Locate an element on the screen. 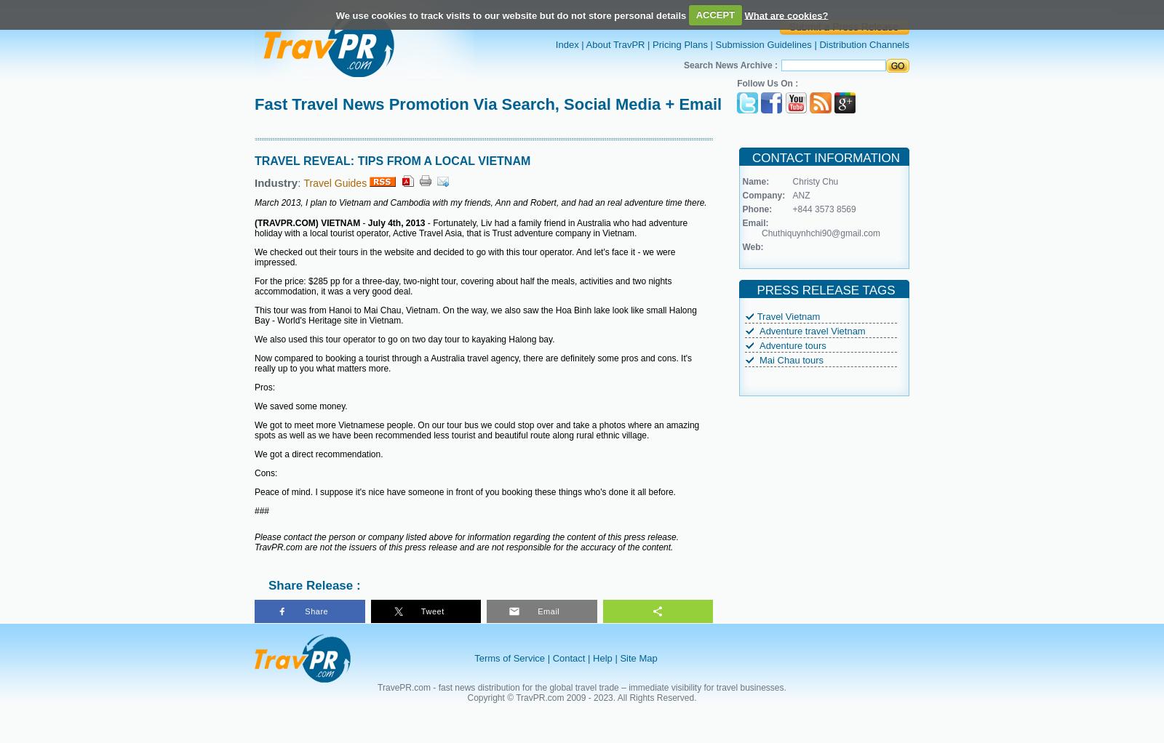 This screenshot has height=743, width=1164. 'Fast Travel News Promotion Via Search, Social Media + Email' is located at coordinates (488, 103).